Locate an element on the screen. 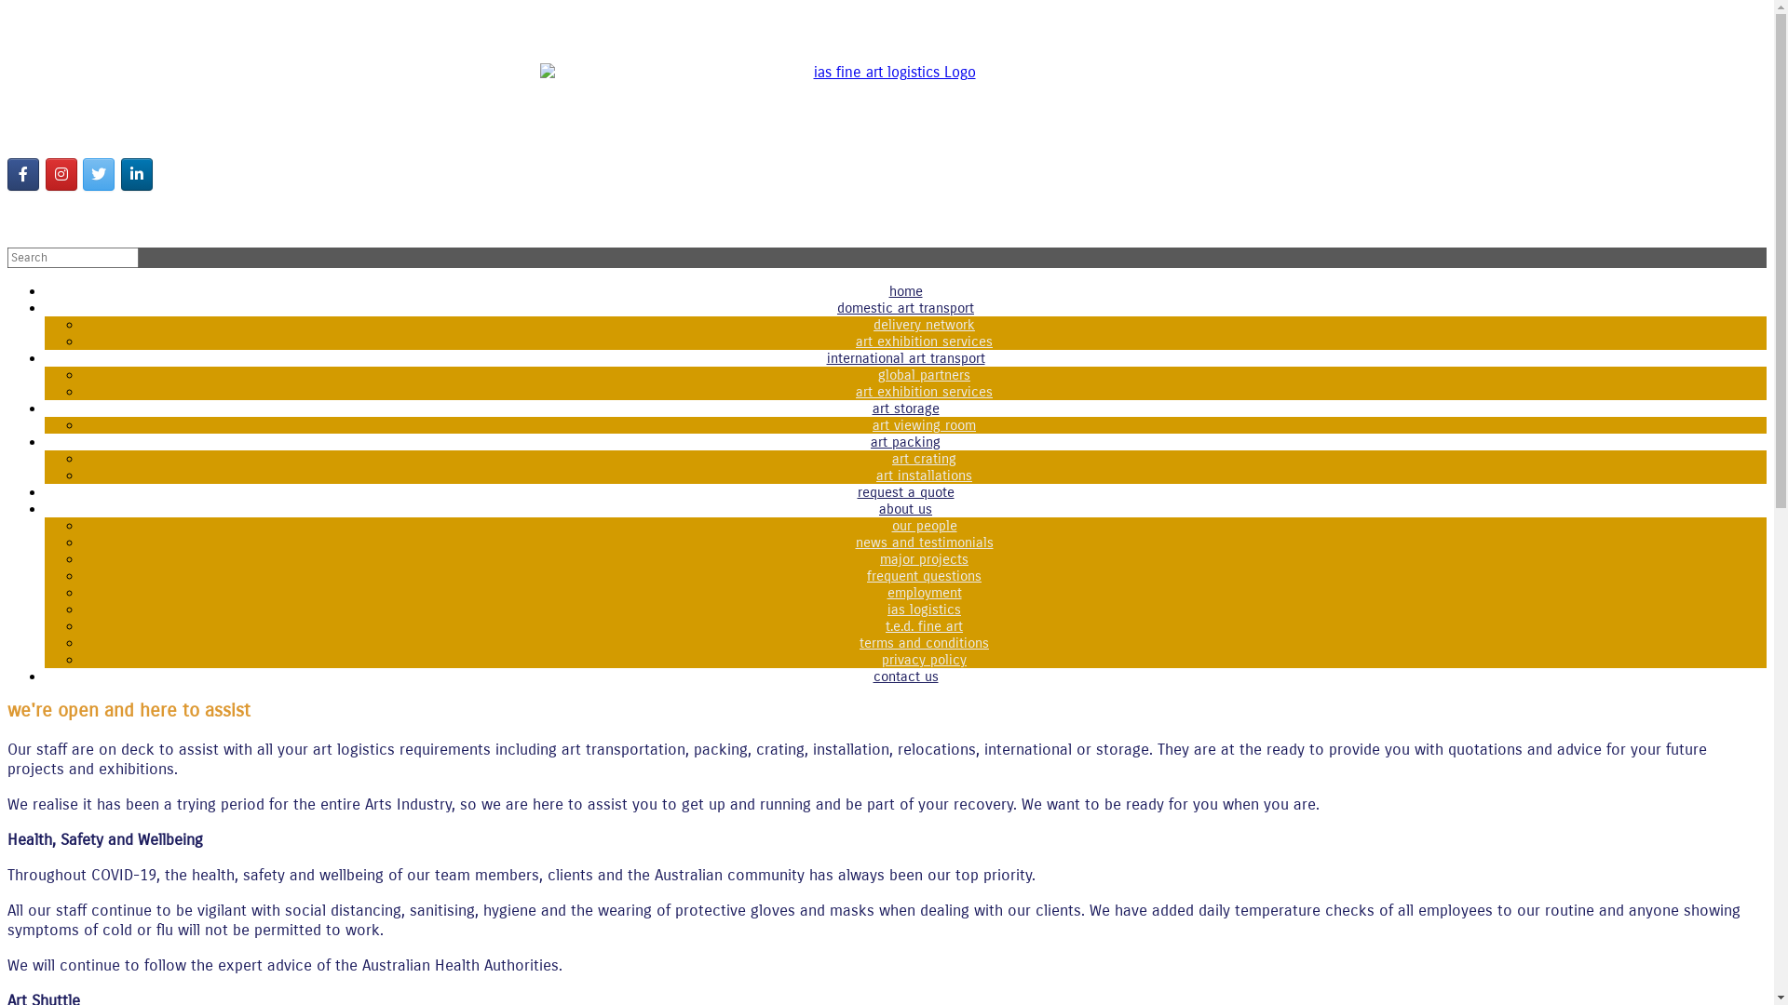 The height and width of the screenshot is (1005, 1788). 'ias fine art logistics on Instagram' is located at coordinates (61, 174).